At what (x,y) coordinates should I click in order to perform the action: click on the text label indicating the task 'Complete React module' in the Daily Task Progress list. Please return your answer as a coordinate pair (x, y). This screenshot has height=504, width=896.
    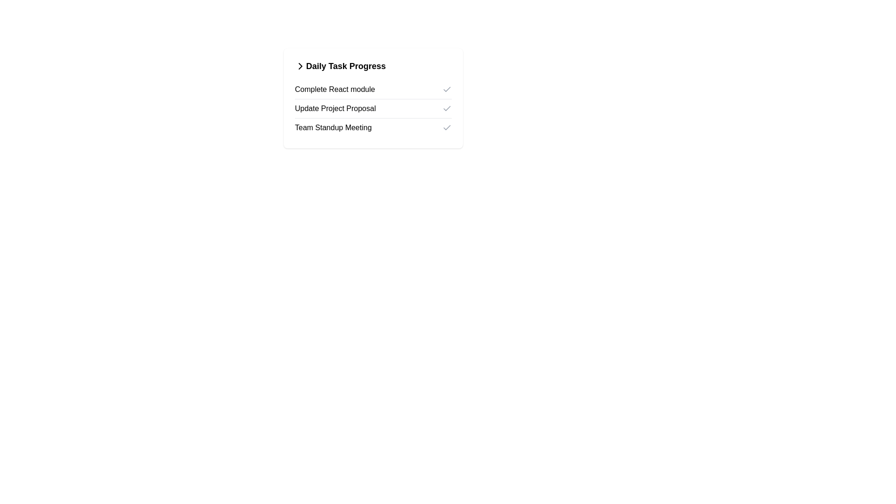
    Looking at the image, I should click on (335, 90).